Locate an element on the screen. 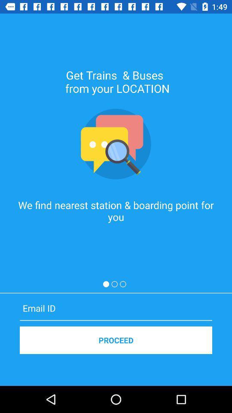 The width and height of the screenshot is (232, 413). email id icon is located at coordinates (116, 308).